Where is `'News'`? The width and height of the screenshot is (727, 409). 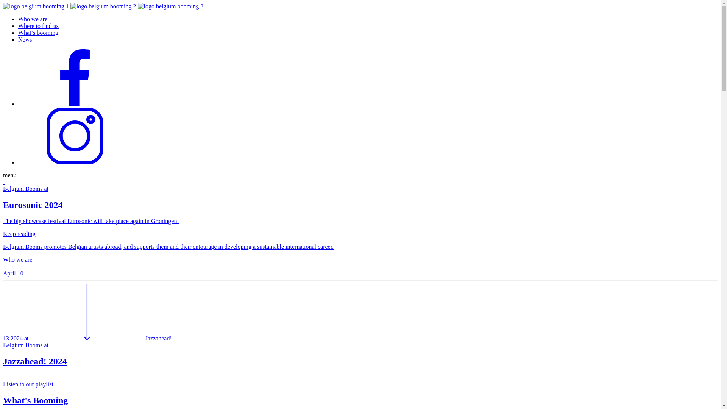
'News' is located at coordinates (18, 39).